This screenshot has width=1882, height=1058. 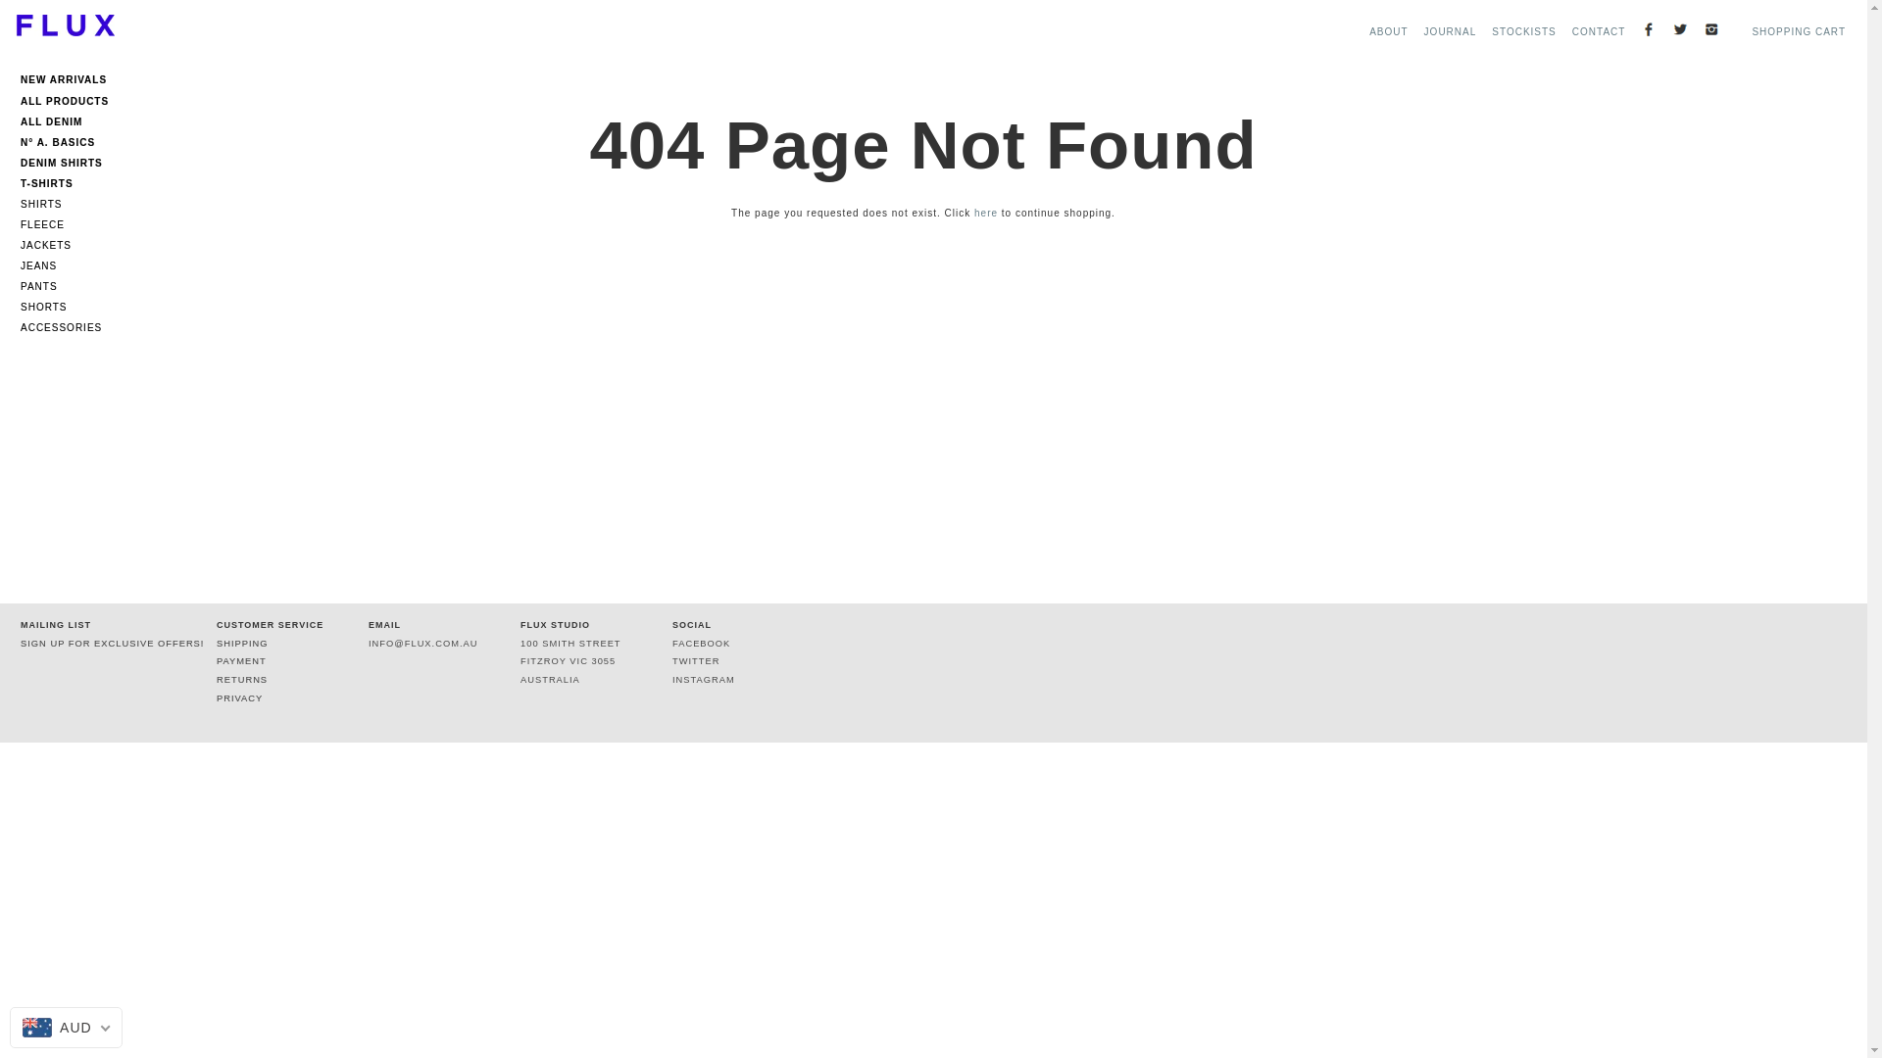 I want to click on 'STOCKISTS', so click(x=1523, y=31).